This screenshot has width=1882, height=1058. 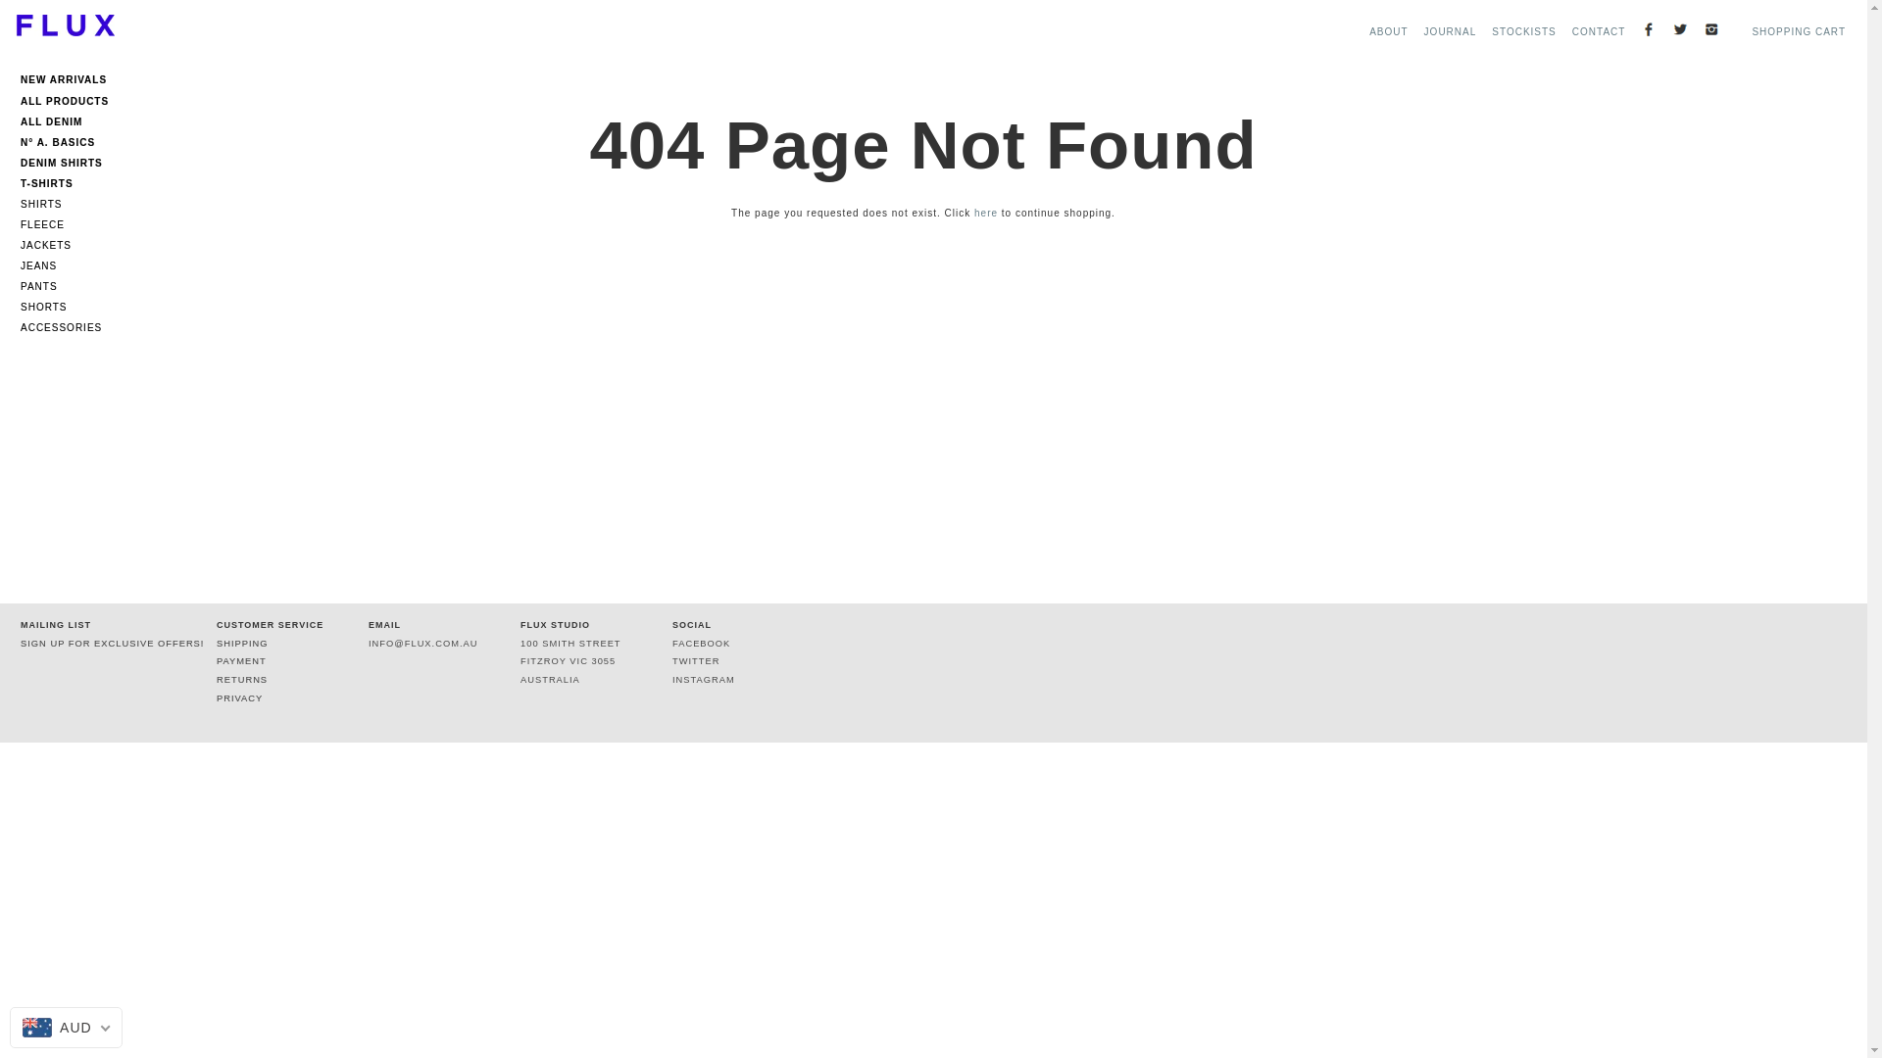 I want to click on 'STOCKISTS', so click(x=1523, y=31).